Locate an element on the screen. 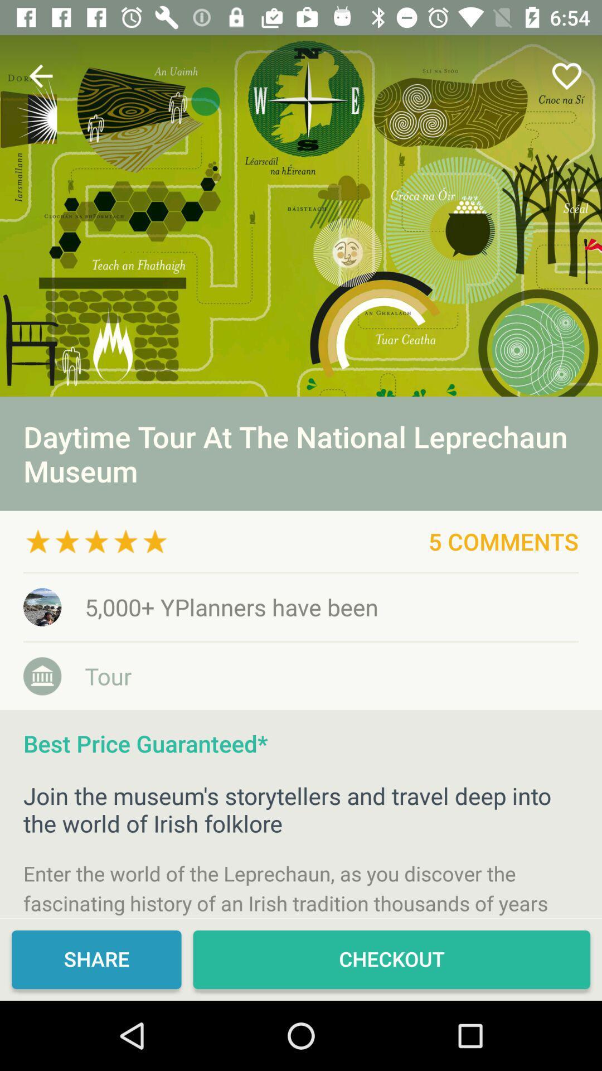 The width and height of the screenshot is (602, 1071). share is located at coordinates (96, 959).